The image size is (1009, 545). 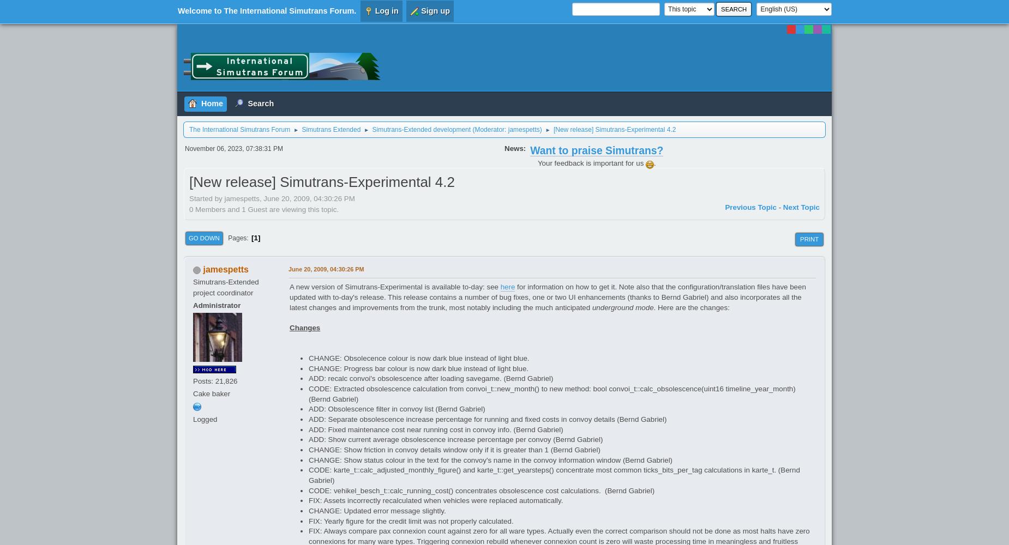 I want to click on 'Pages', so click(x=236, y=238).